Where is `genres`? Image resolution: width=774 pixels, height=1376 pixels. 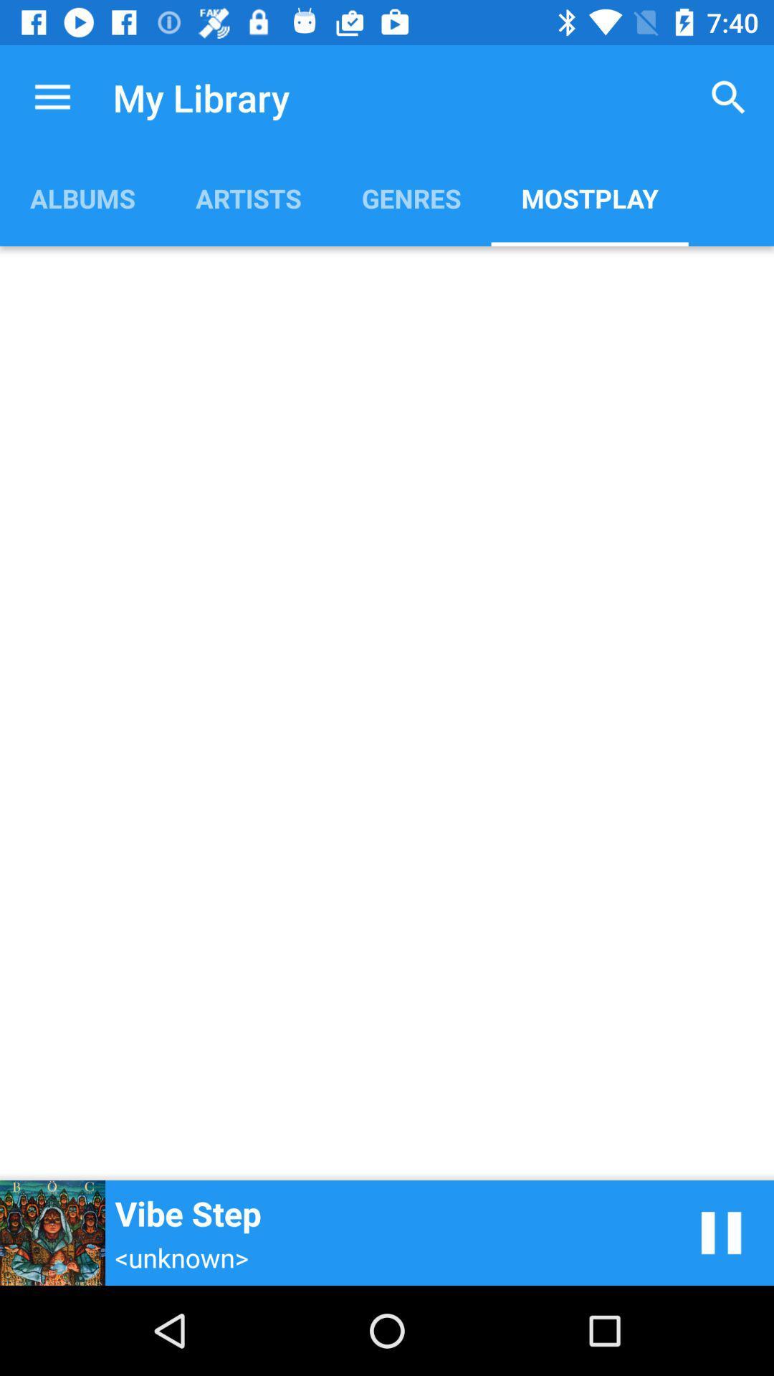 genres is located at coordinates (411, 198).